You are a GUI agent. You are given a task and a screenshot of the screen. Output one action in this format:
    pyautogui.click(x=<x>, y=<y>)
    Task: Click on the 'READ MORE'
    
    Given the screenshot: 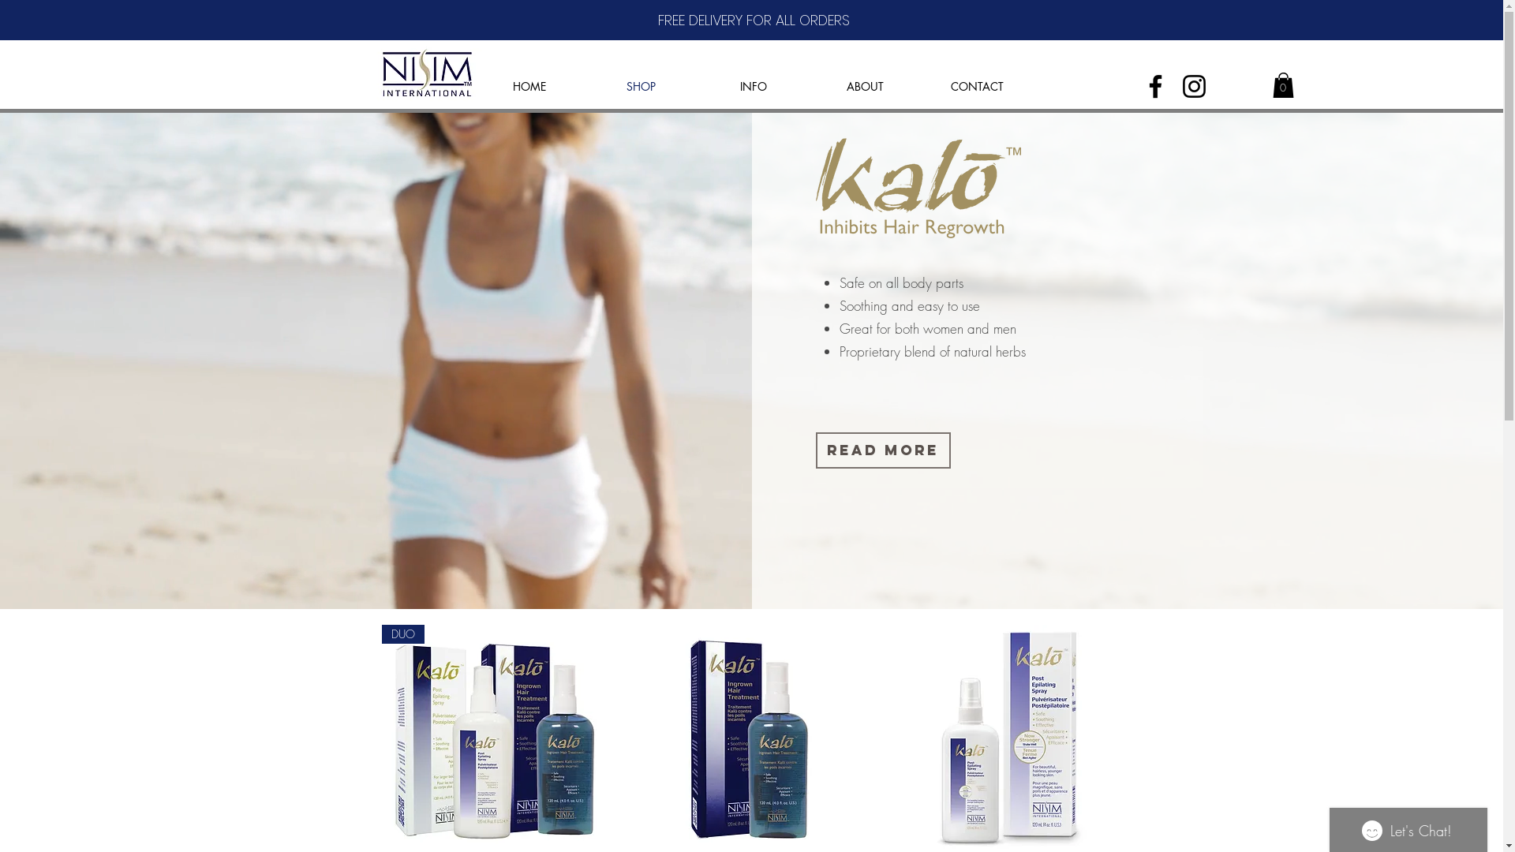 What is the action you would take?
    pyautogui.click(x=882, y=450)
    